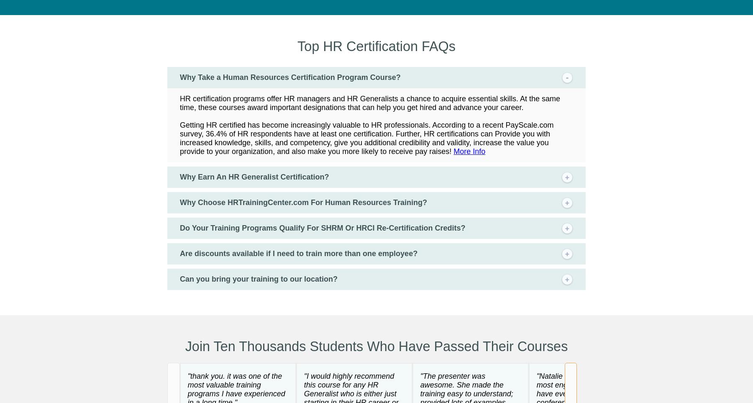 The height and width of the screenshot is (403, 753). Describe the element at coordinates (180, 202) in the screenshot. I see `'Why Choose HRTrainingCenter.com For Human Resources Training?'` at that location.